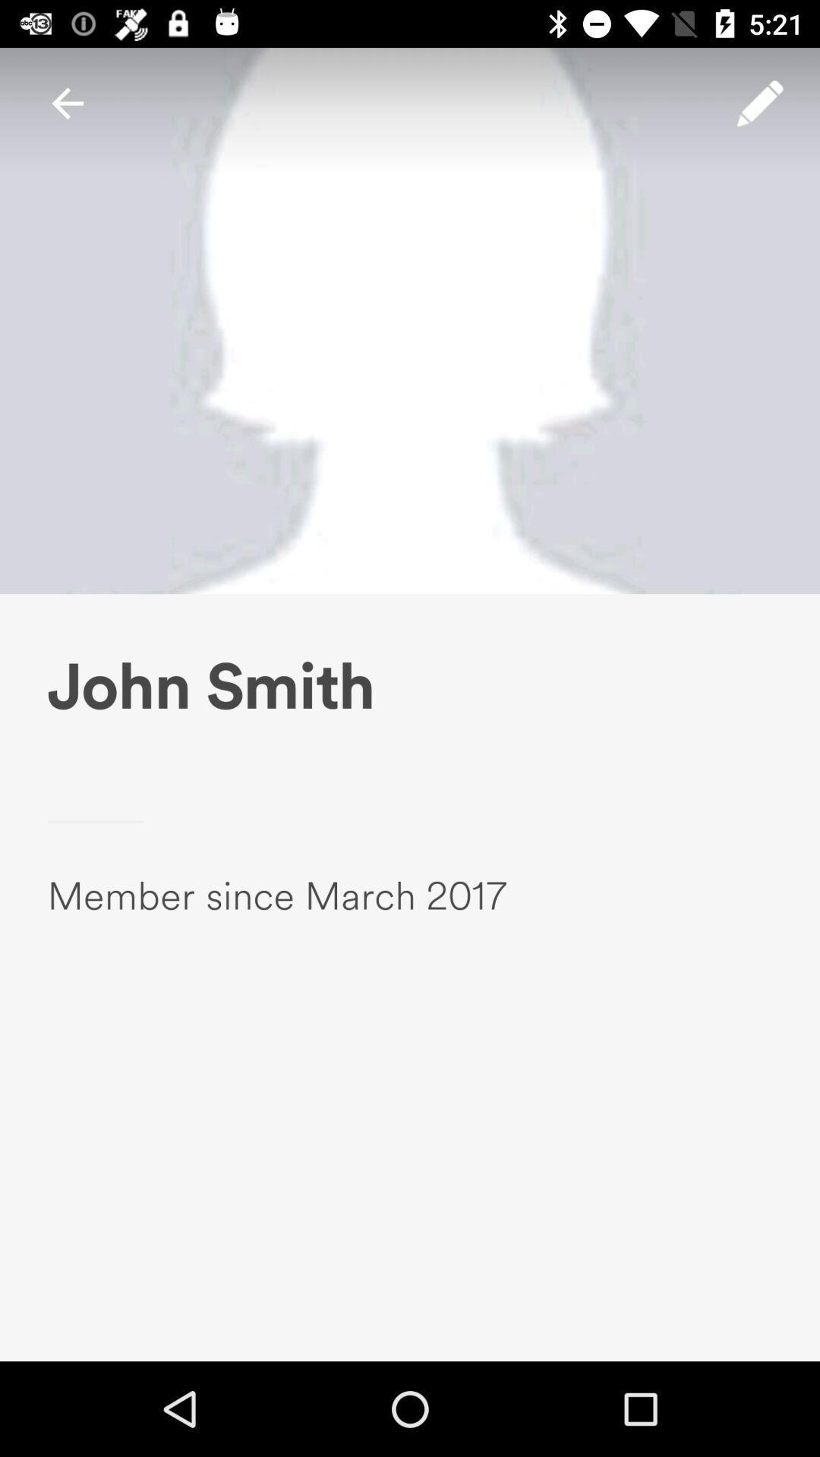  Describe the element at coordinates (67, 102) in the screenshot. I see `item above john smith icon` at that location.